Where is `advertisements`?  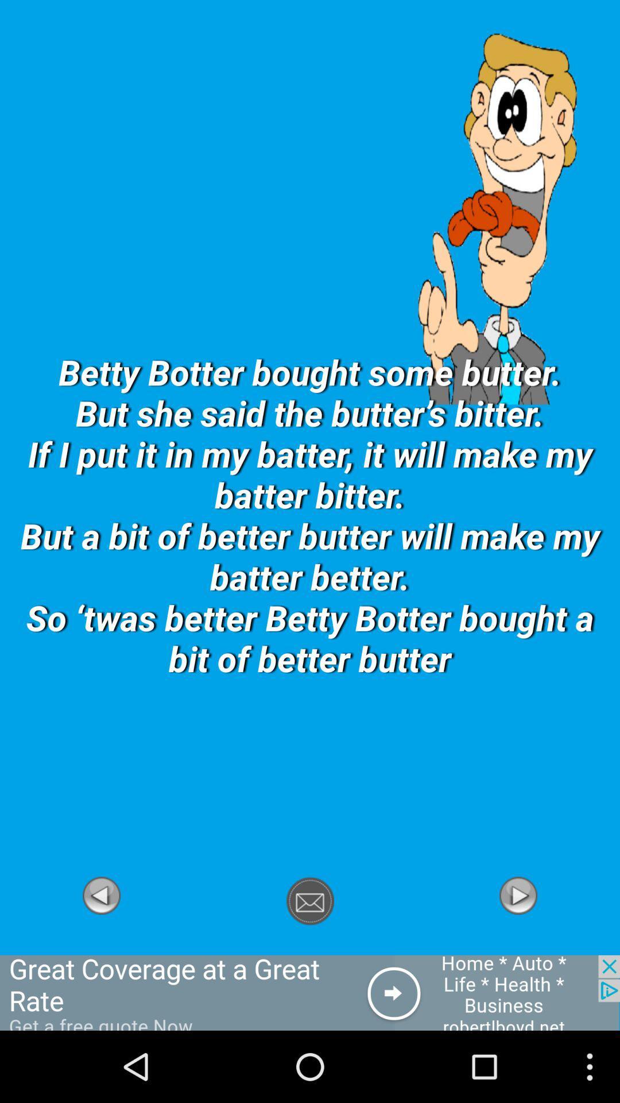 advertisements is located at coordinates (310, 992).